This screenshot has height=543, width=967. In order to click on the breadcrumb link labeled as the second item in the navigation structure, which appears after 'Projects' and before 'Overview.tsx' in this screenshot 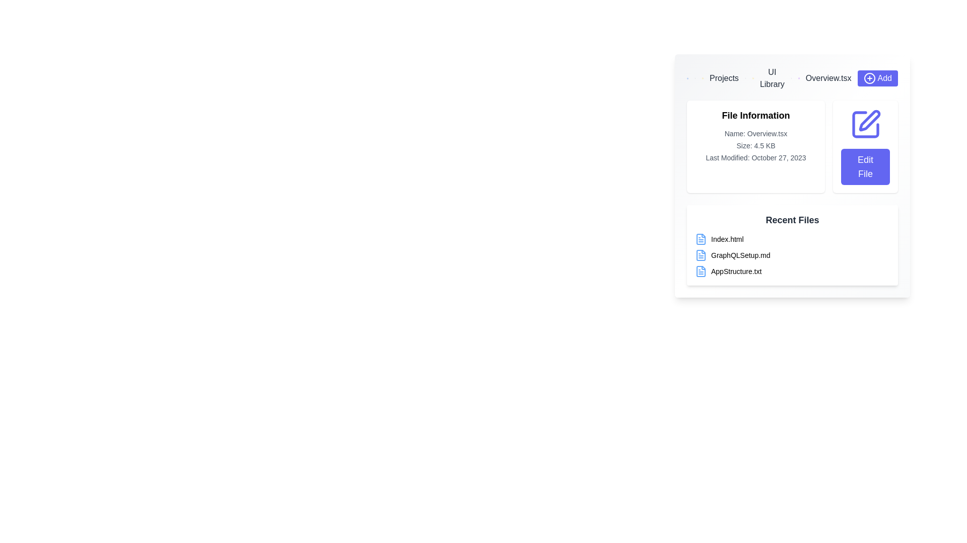, I will do `click(772, 77)`.